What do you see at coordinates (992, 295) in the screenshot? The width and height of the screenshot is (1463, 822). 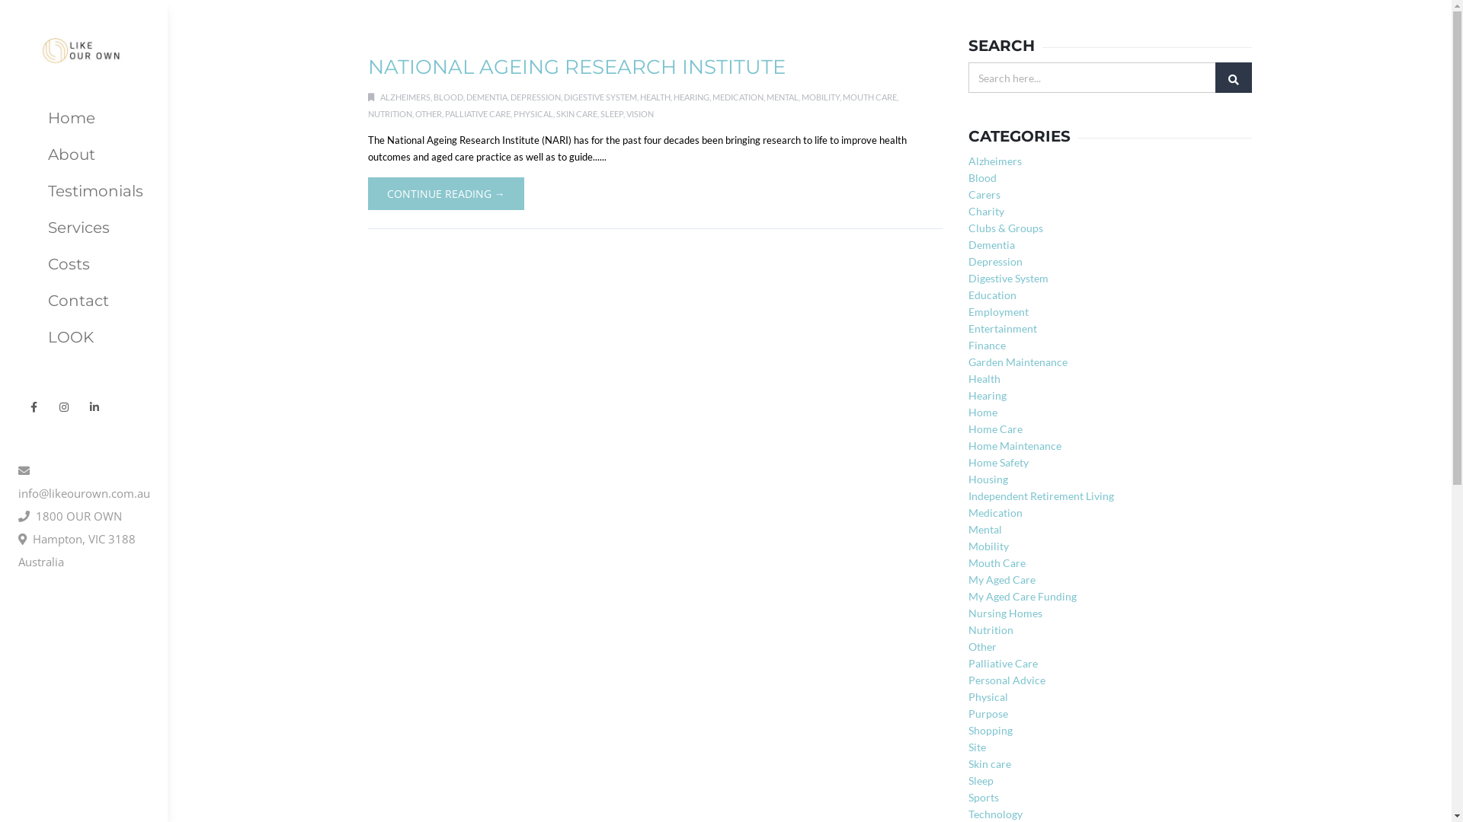 I see `'Education'` at bounding box center [992, 295].